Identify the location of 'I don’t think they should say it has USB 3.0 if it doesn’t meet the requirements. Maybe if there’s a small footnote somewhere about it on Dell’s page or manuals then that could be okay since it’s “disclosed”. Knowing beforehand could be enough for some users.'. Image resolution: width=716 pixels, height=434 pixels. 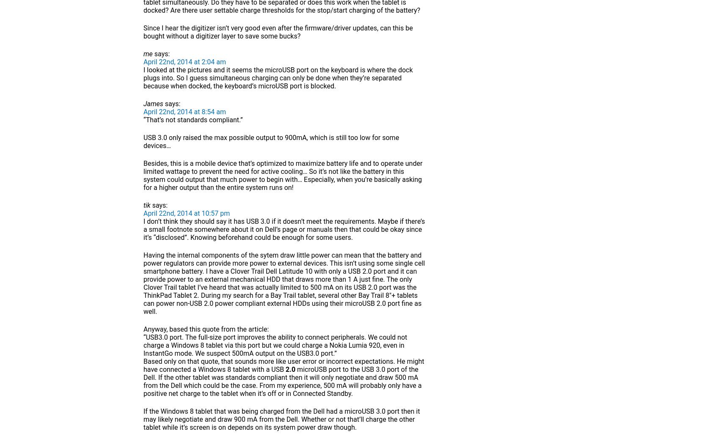
(284, 229).